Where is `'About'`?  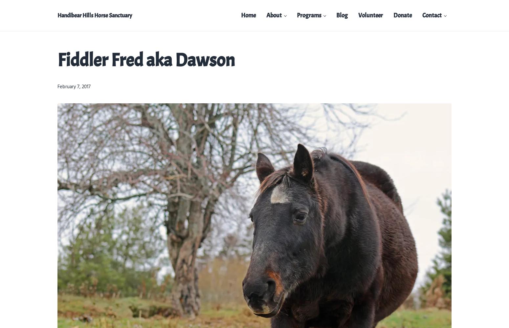
'About' is located at coordinates (274, 15).